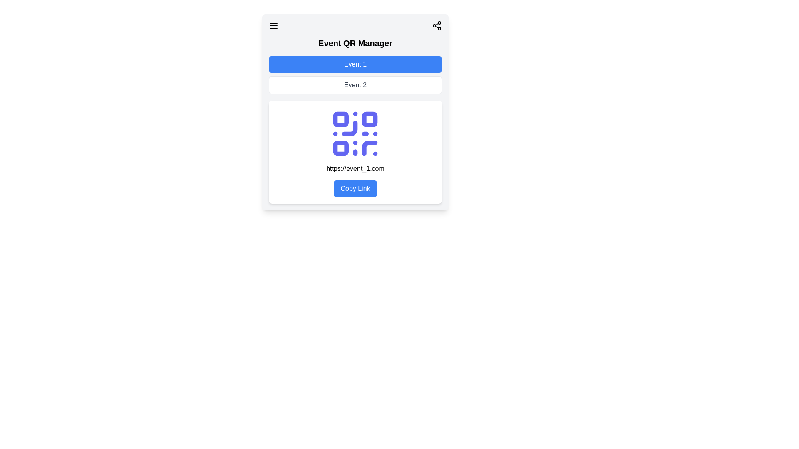  I want to click on the button located below the text 'https://event_1.com' to copy the link to the clipboard, so click(355, 189).